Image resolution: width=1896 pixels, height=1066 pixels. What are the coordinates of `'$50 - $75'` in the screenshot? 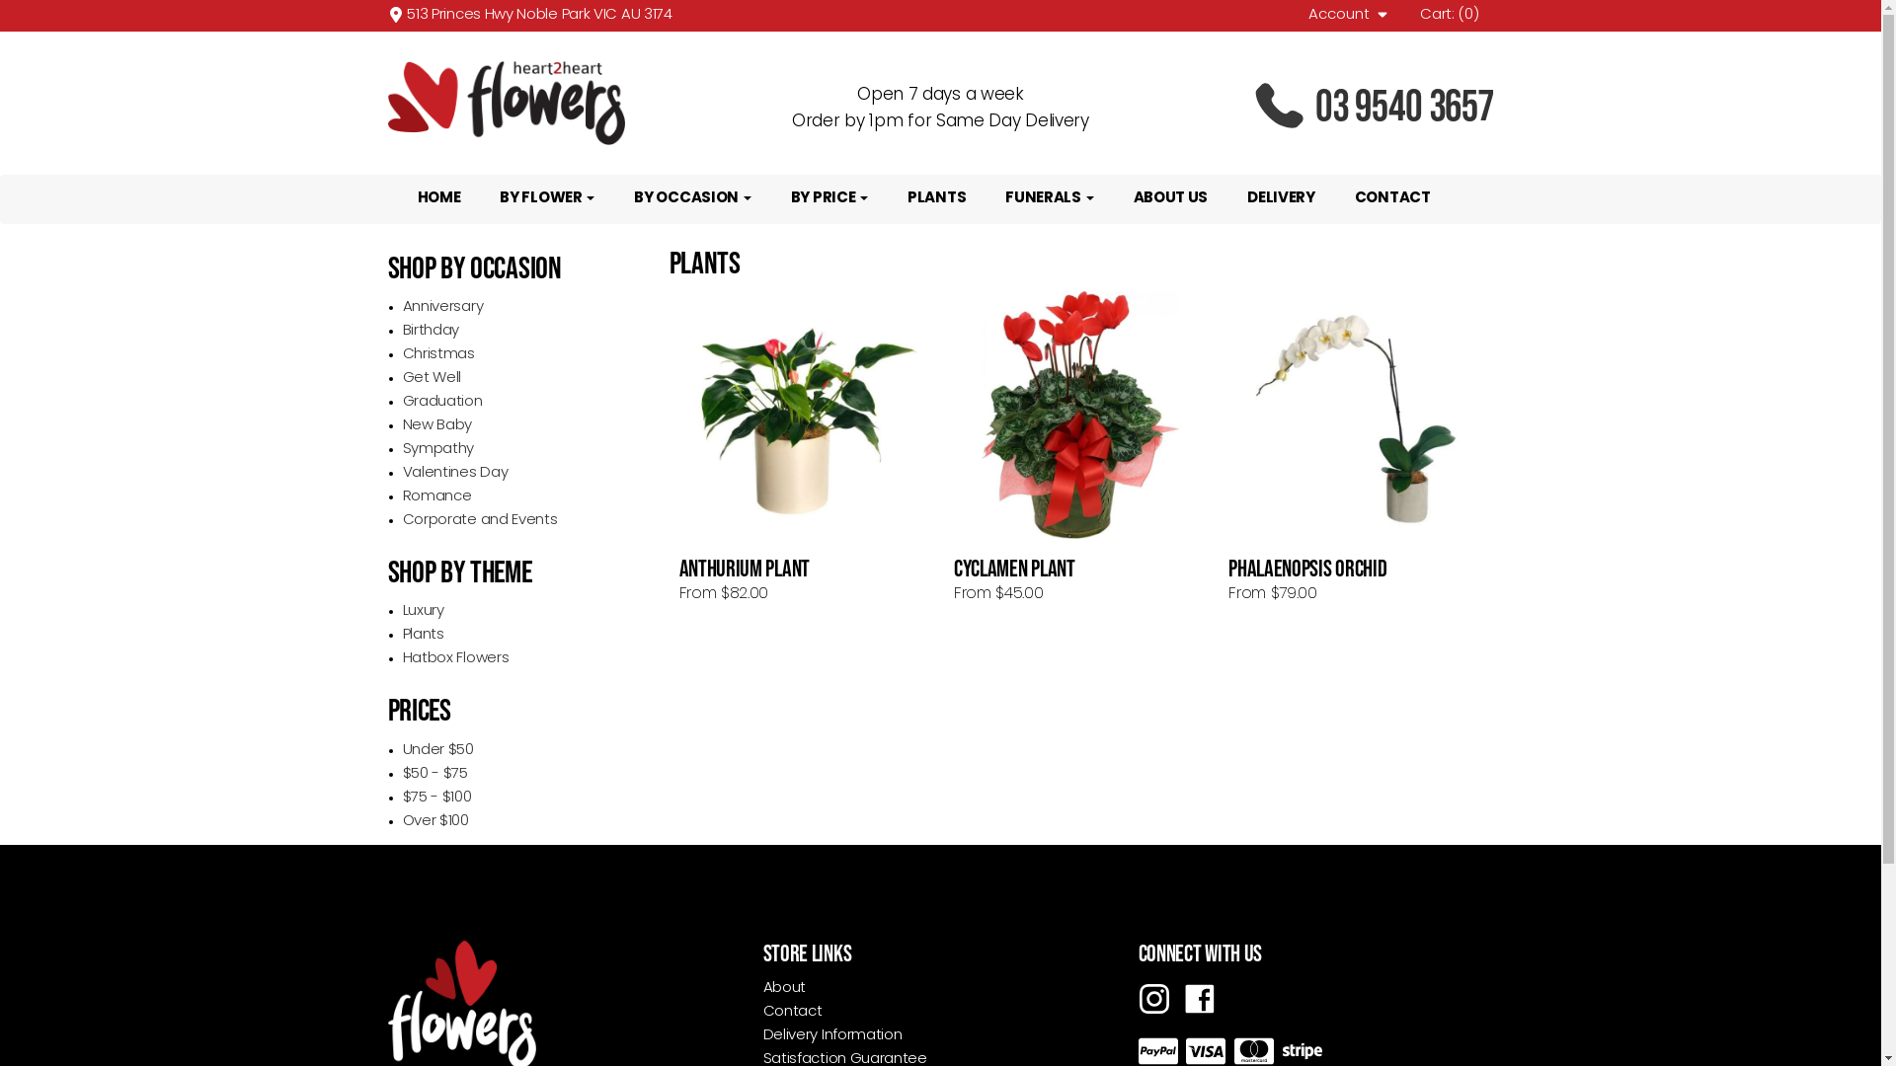 It's located at (434, 773).